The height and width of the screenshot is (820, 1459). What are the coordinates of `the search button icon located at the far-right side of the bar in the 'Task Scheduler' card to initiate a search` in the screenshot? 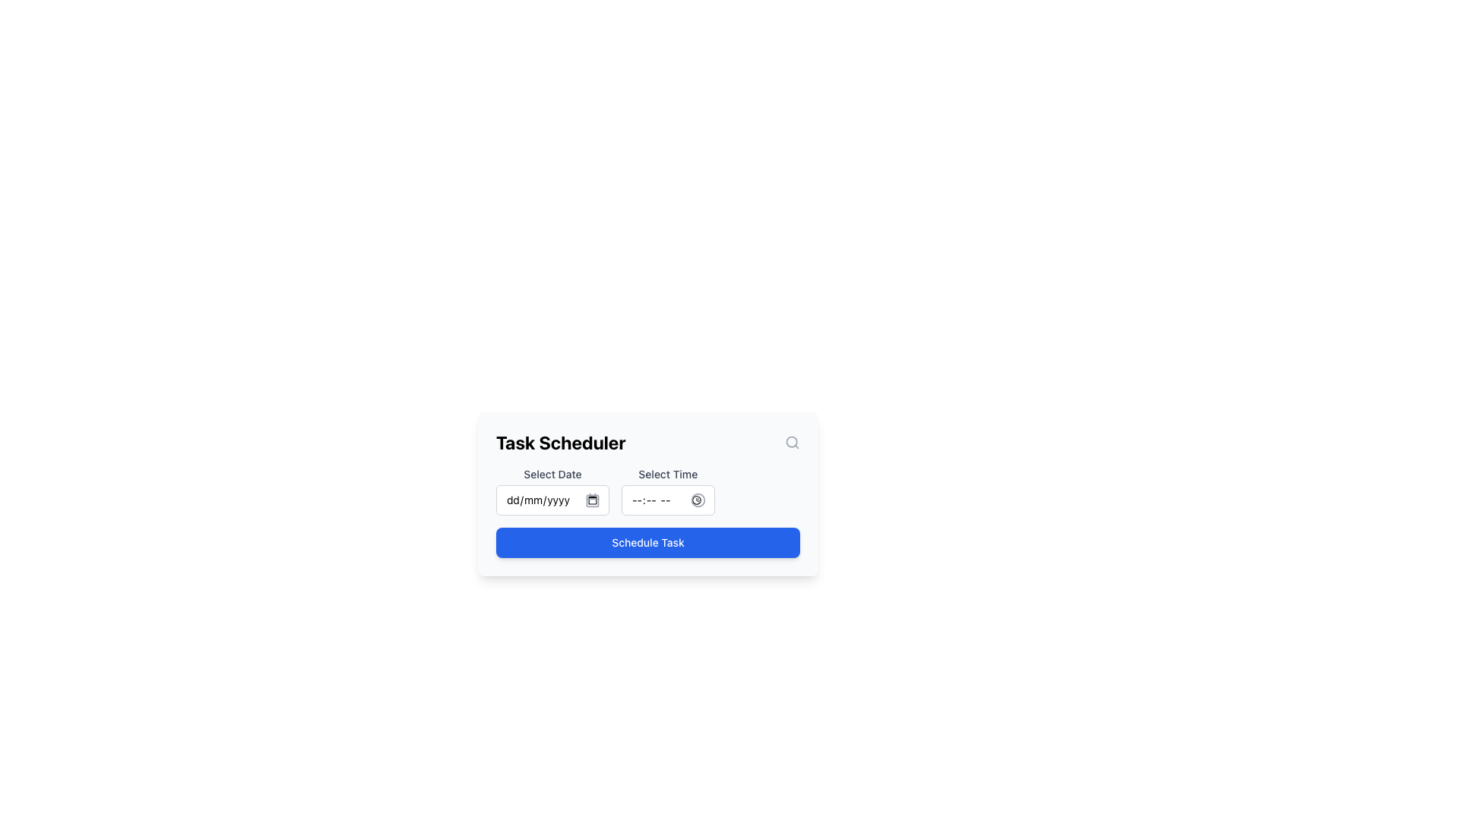 It's located at (791, 442).